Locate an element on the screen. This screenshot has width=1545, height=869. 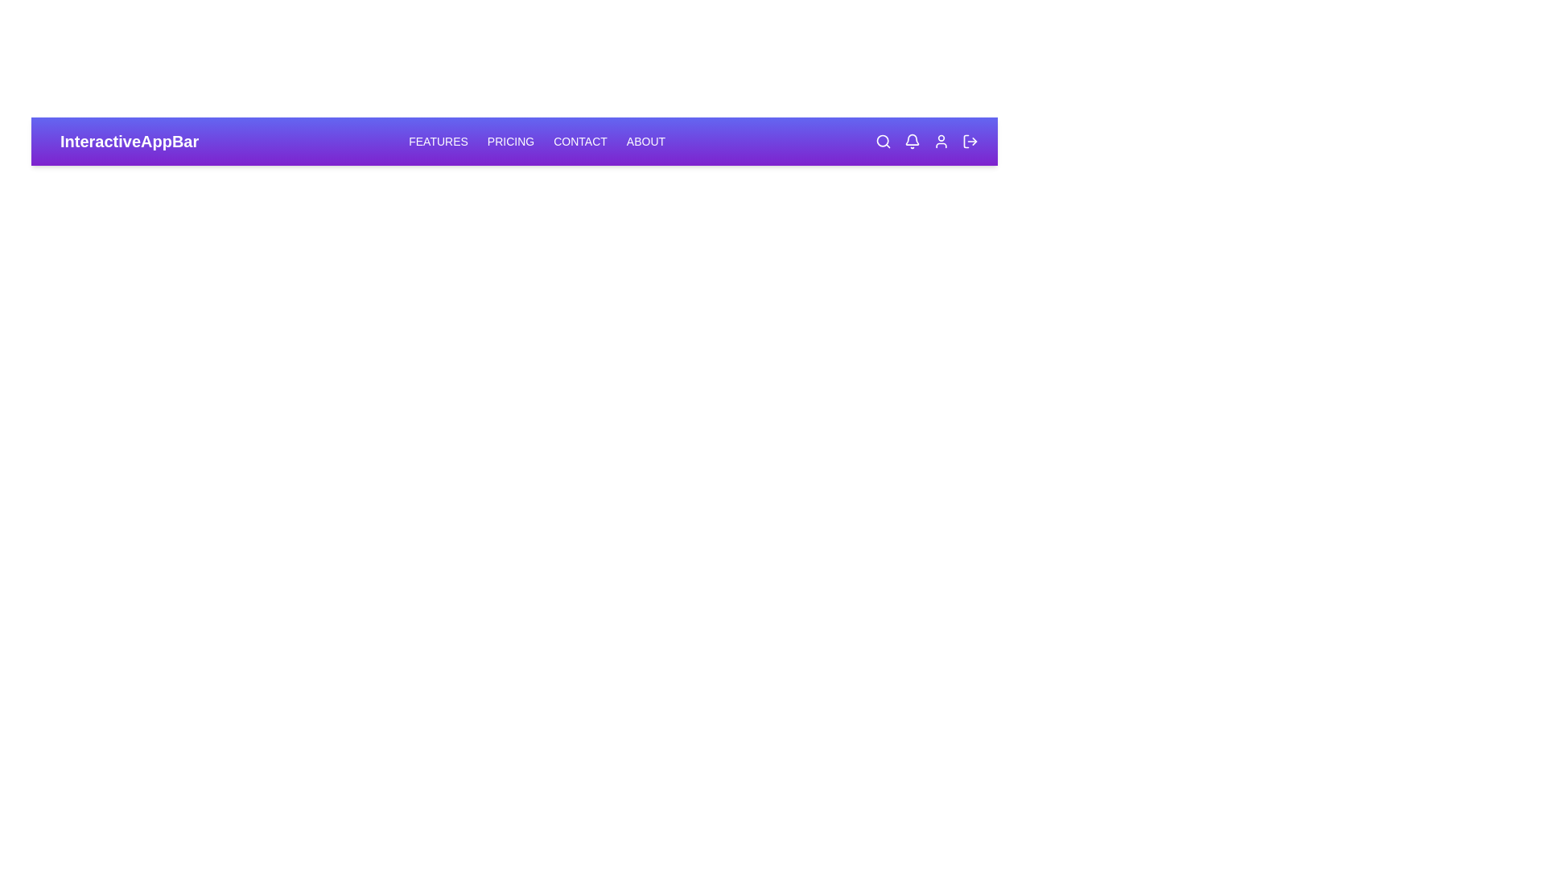
the 'Bell' icon to view notifications is located at coordinates (912, 141).